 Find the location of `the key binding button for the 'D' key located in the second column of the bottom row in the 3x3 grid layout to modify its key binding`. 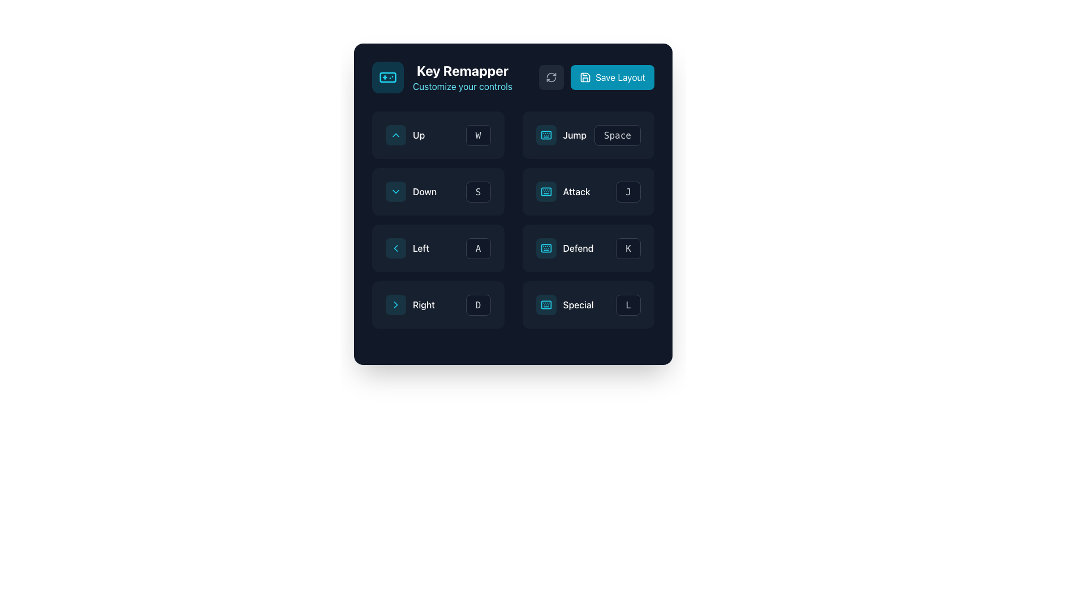

the key binding button for the 'D' key located in the second column of the bottom row in the 3x3 grid layout to modify its key binding is located at coordinates (478, 304).